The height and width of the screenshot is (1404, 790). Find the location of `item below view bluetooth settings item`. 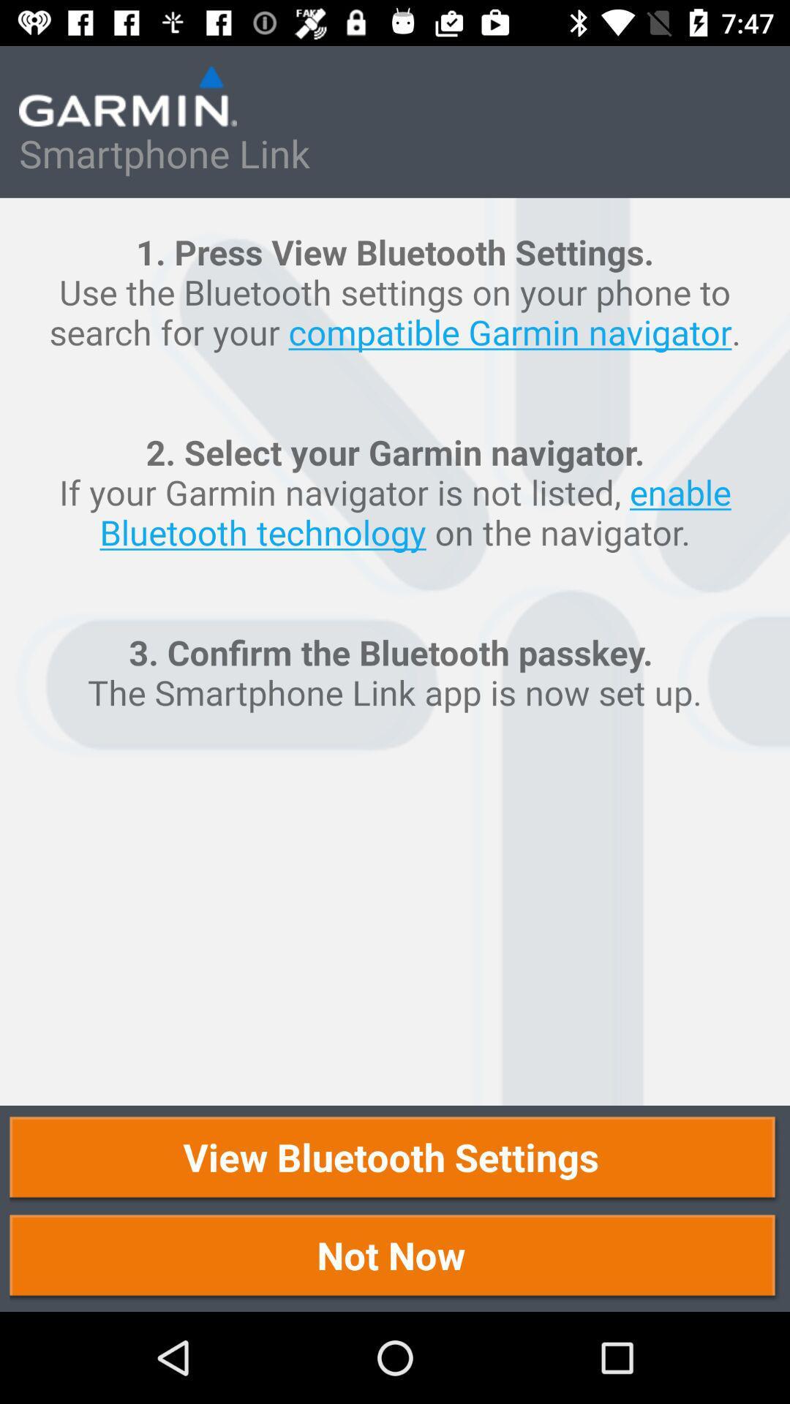

item below view bluetooth settings item is located at coordinates (395, 1257).